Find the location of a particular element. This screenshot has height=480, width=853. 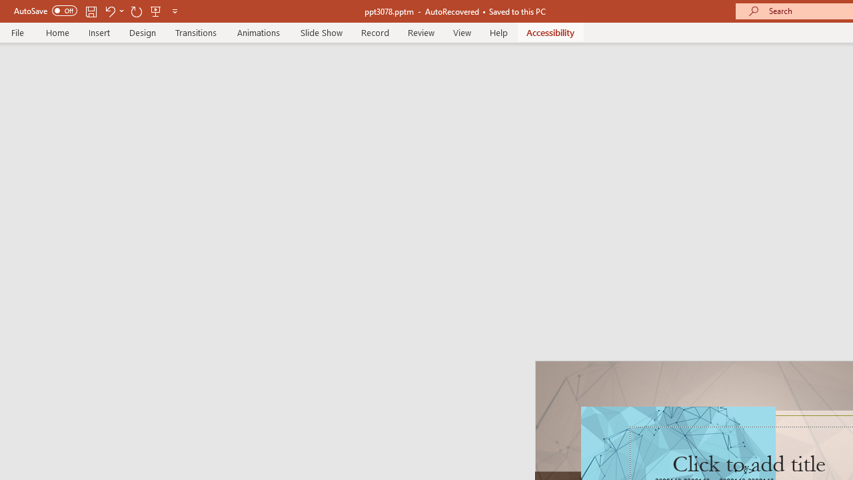

'Design' is located at coordinates (143, 32).